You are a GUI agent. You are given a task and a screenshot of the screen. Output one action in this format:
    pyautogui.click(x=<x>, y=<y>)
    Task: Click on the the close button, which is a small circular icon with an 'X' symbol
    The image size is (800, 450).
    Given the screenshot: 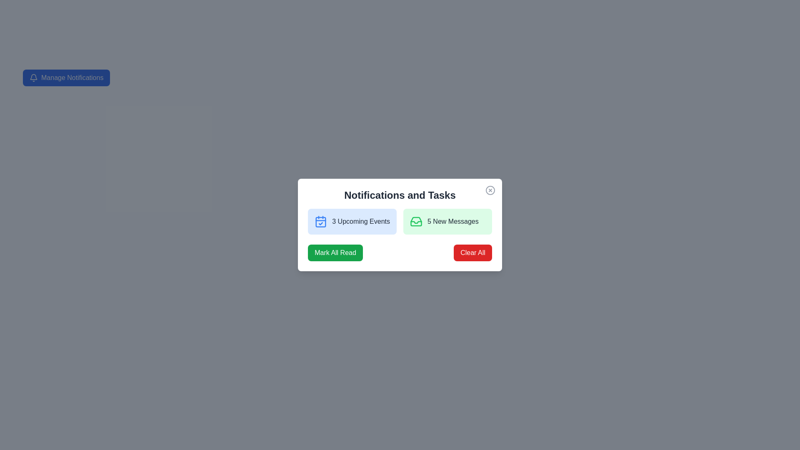 What is the action you would take?
    pyautogui.click(x=490, y=190)
    